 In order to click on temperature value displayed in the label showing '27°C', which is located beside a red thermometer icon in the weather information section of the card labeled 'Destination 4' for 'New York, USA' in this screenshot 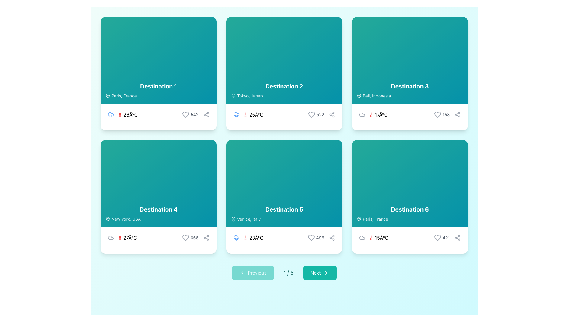, I will do `click(127, 237)`.